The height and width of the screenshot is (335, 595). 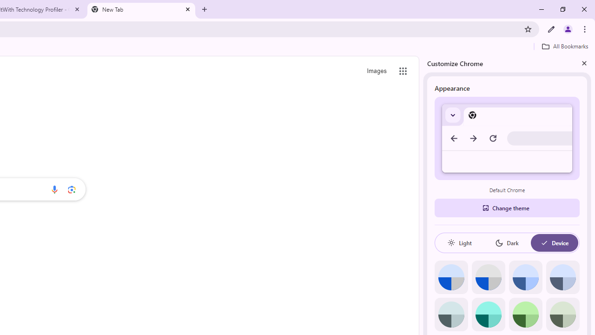 What do you see at coordinates (554, 242) in the screenshot?
I see `'Device'` at bounding box center [554, 242].